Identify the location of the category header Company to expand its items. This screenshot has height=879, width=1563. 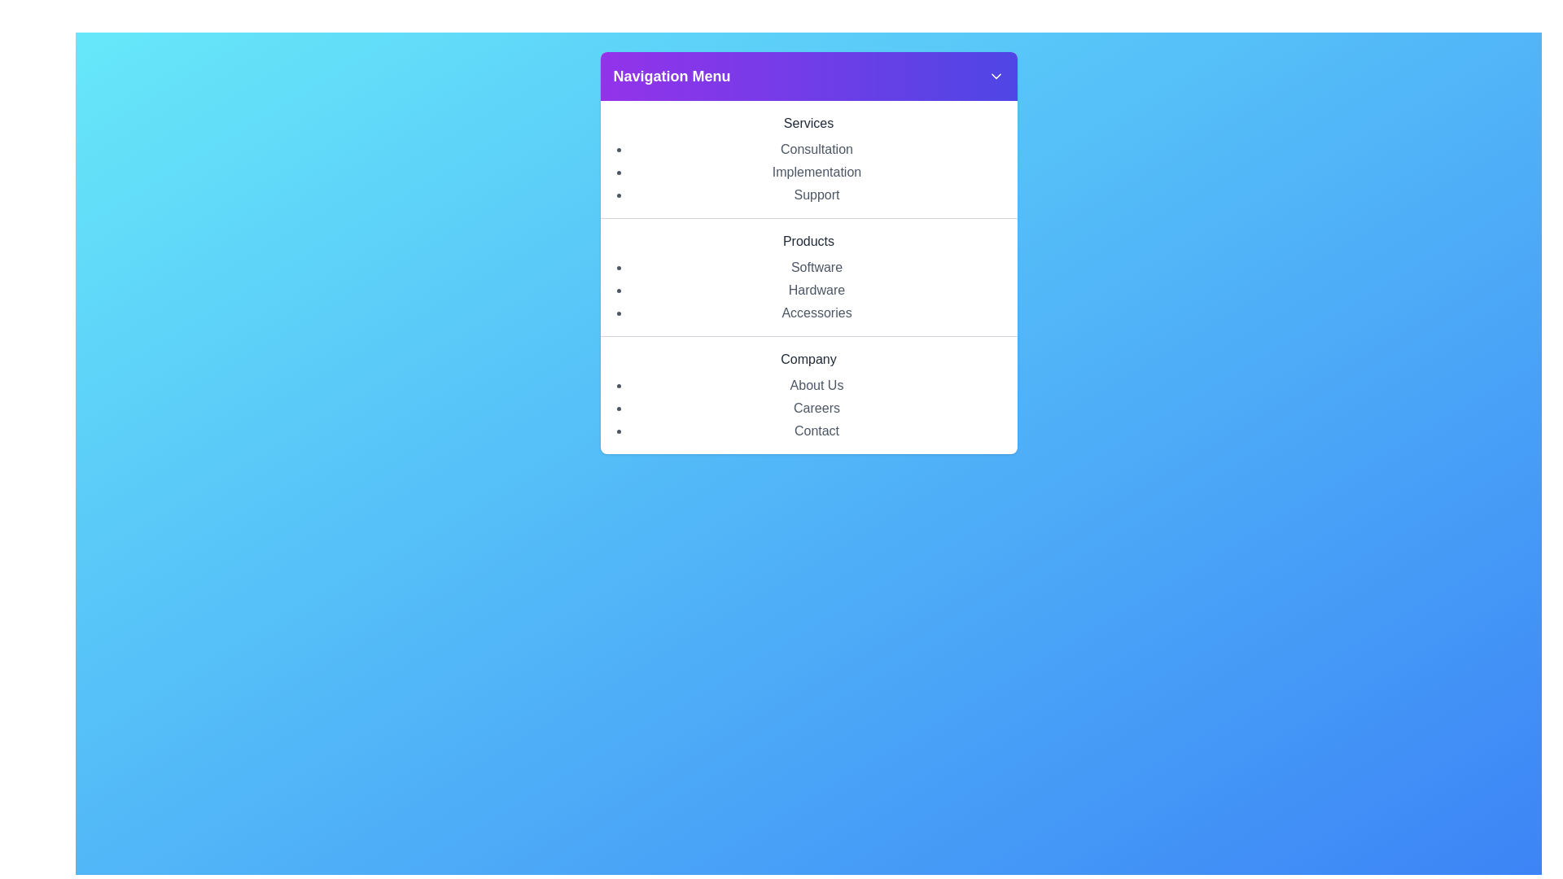
(808, 359).